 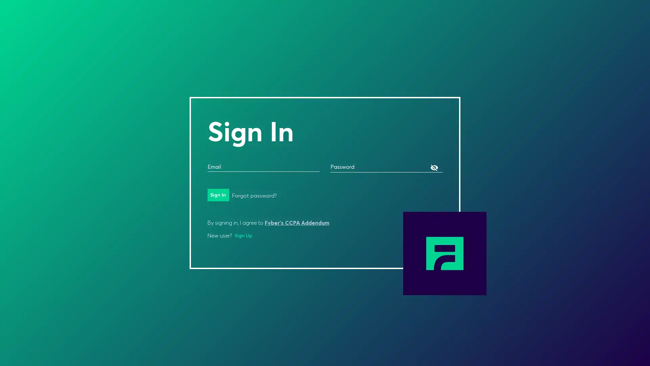 I want to click on Forgot password?, so click(x=254, y=196).